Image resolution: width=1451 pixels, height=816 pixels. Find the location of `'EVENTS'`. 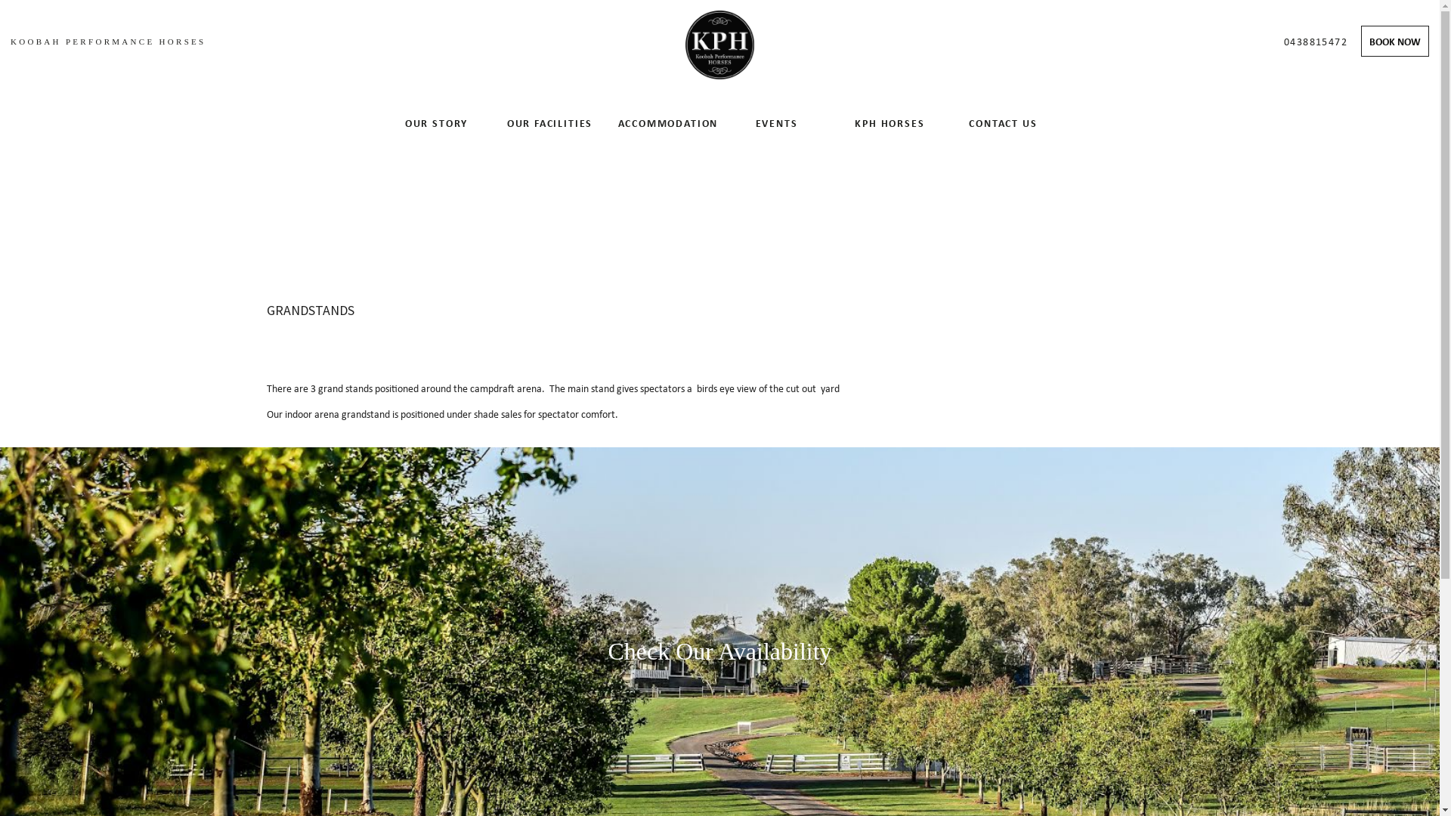

'EVENTS' is located at coordinates (718, 122).